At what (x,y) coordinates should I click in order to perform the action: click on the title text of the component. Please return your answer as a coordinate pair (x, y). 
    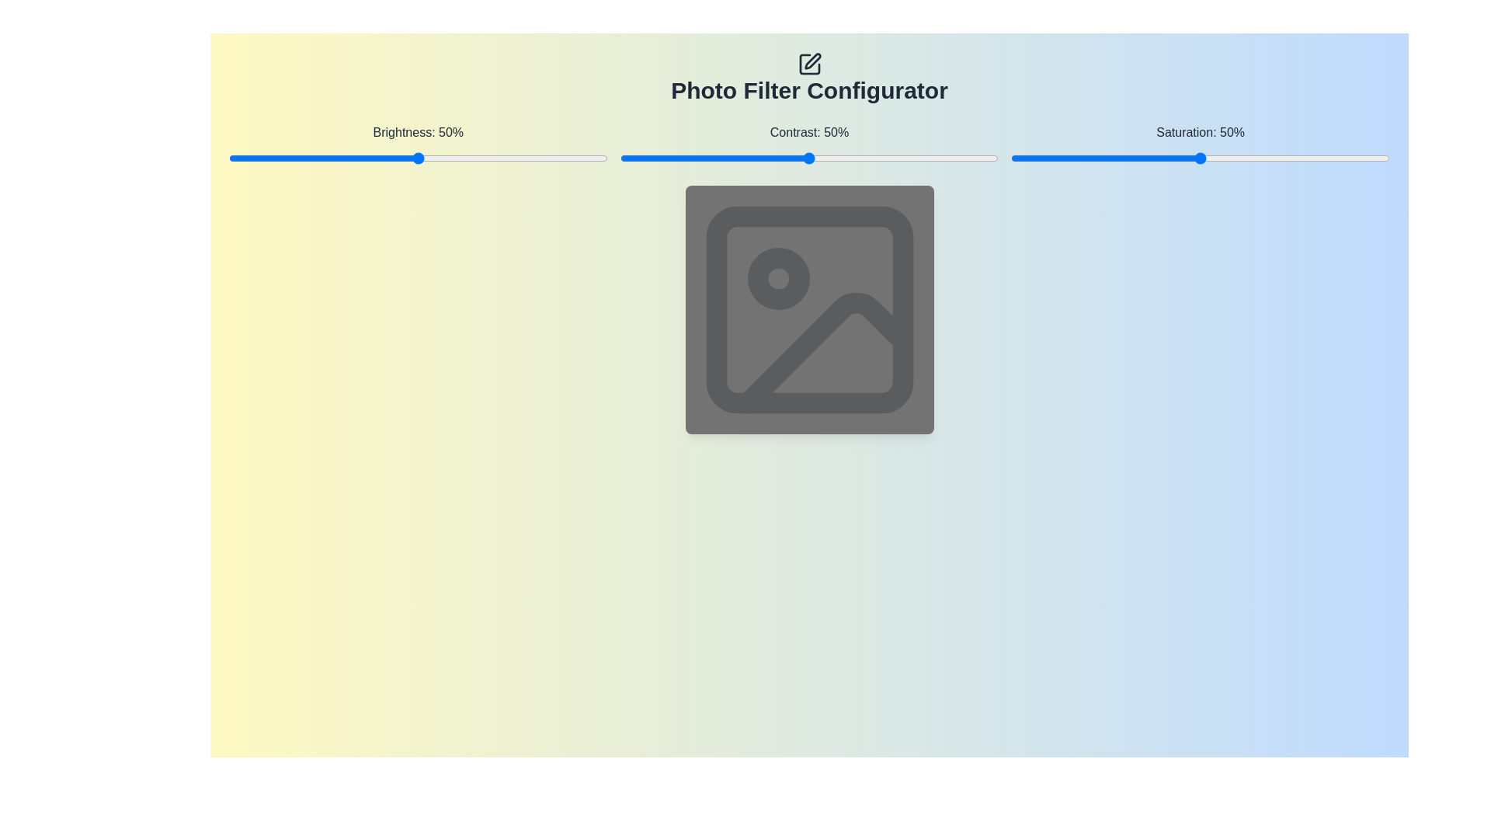
    Looking at the image, I should click on (808, 78).